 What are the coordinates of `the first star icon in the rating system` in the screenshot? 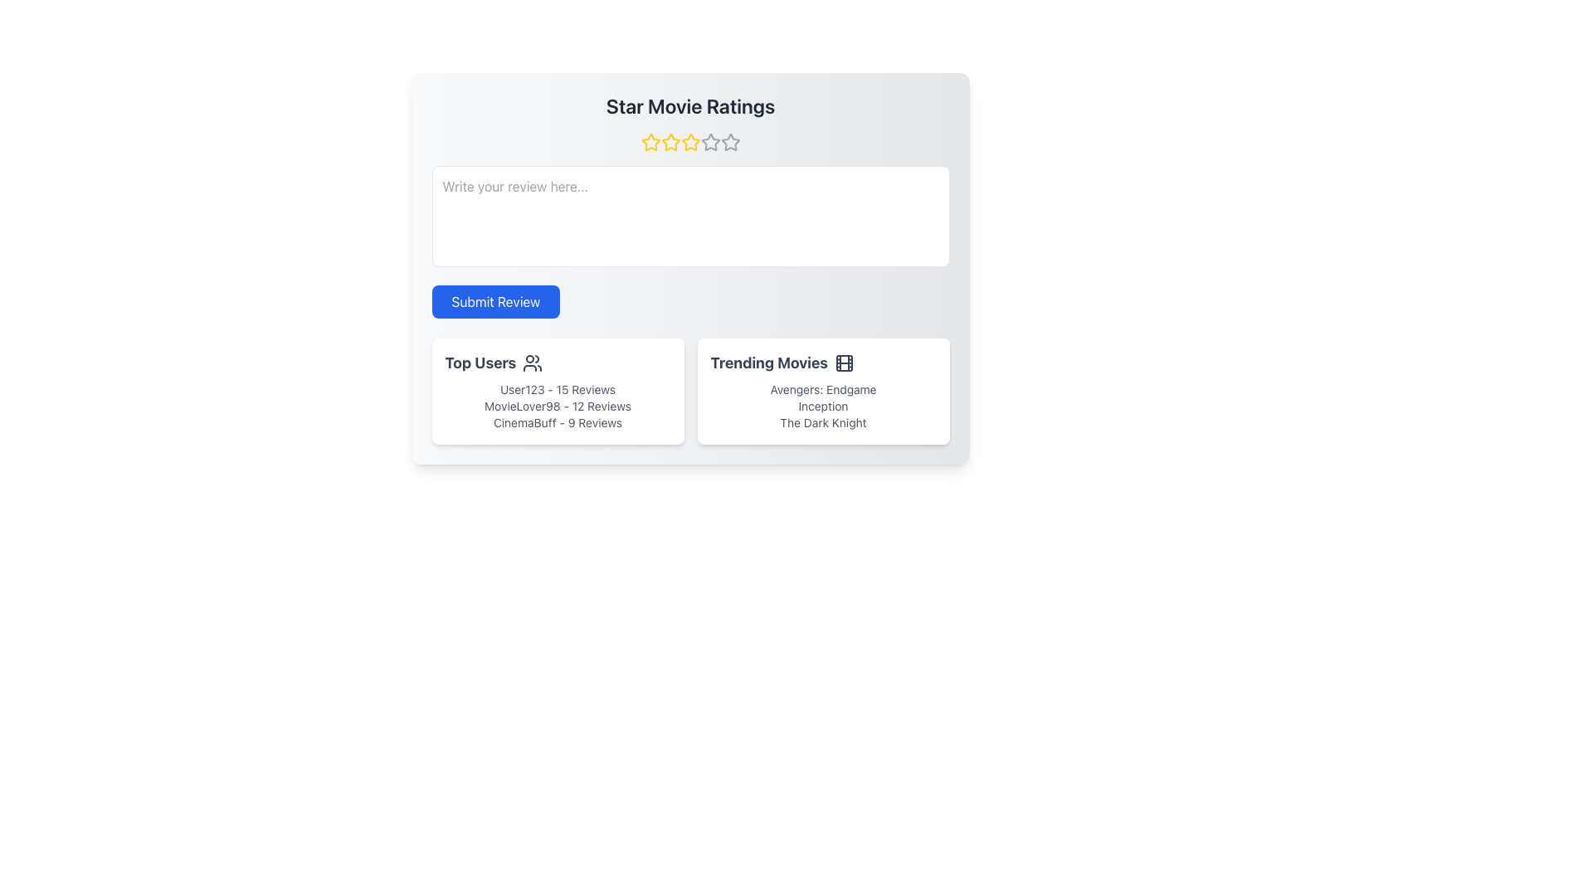 It's located at (650, 141).